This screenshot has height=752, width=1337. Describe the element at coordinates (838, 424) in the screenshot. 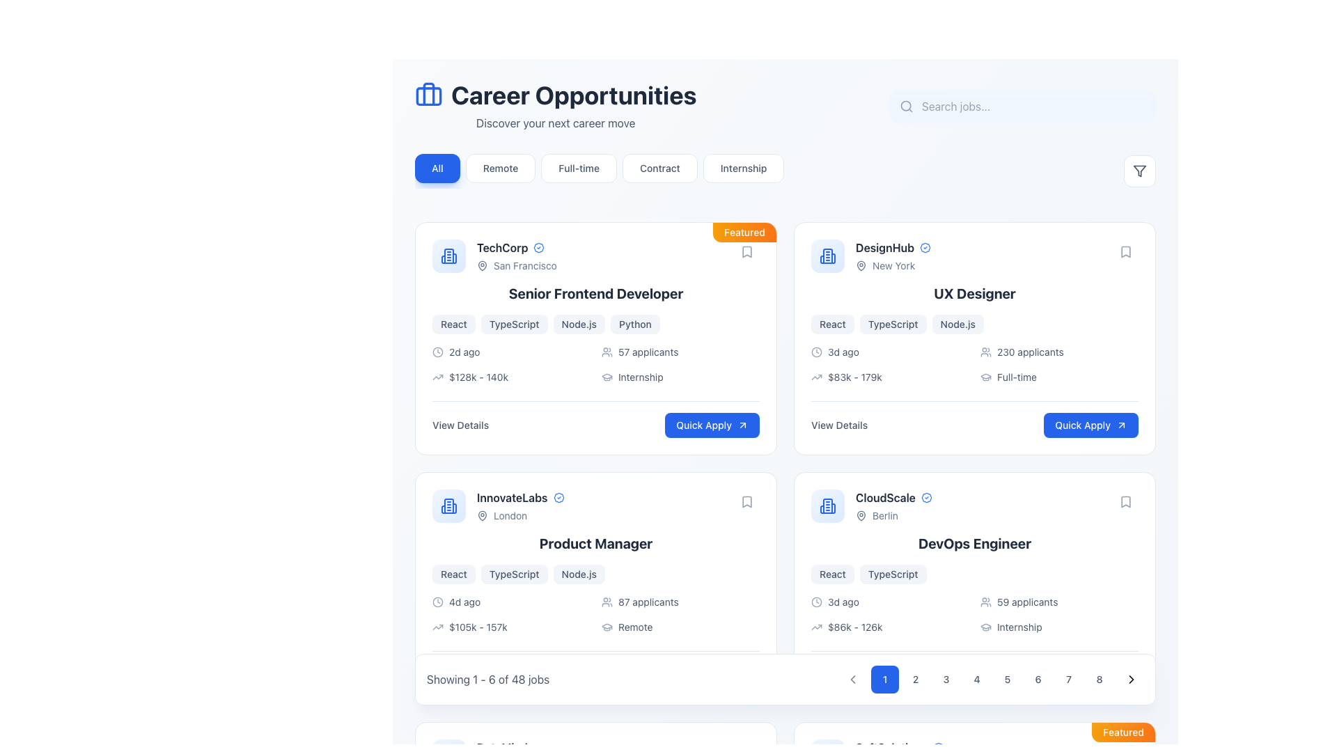

I see `the link located in the lower left section of the job posting card titled 'UX Designer', positioned near the 'Quick Apply' button and below the salary information to activate the hover effect` at that location.